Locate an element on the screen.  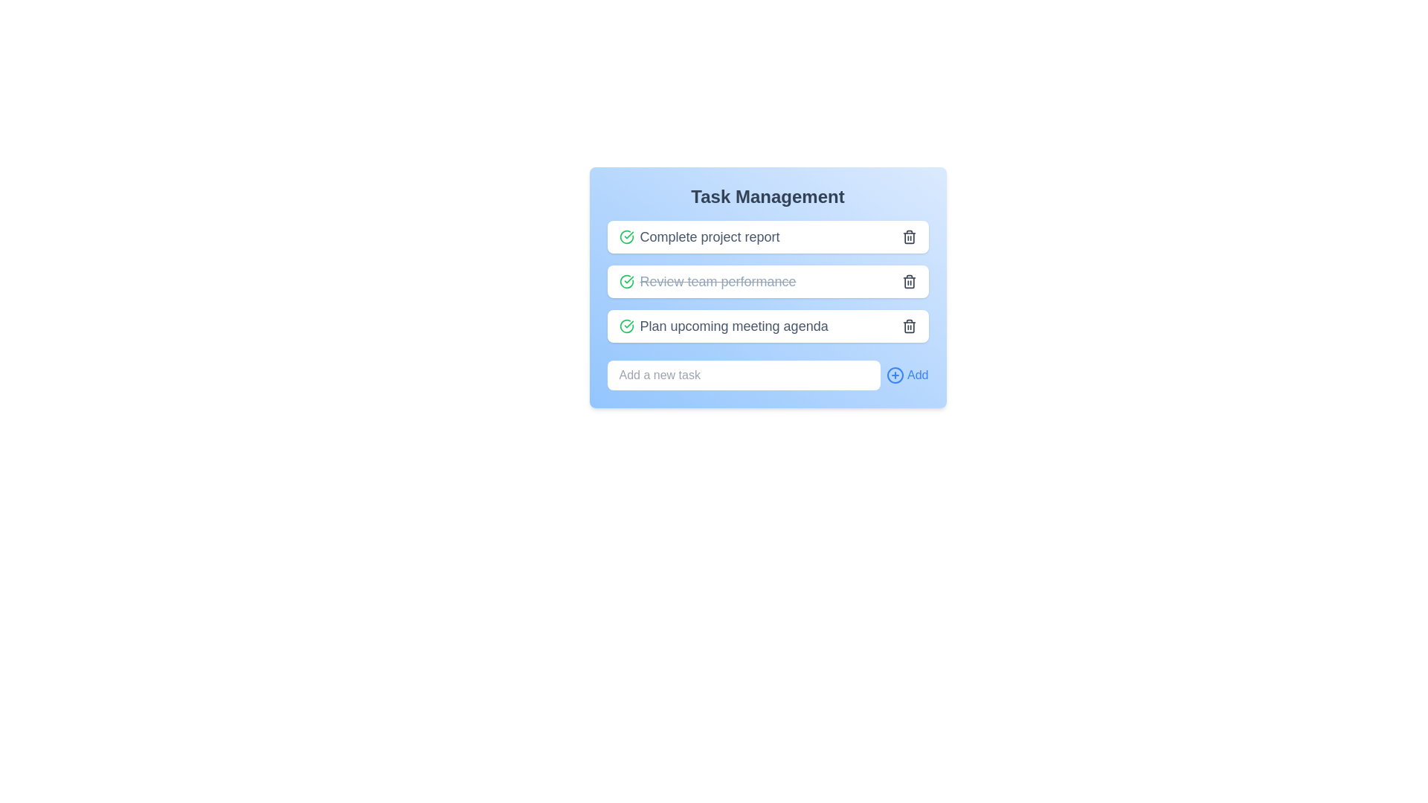
the trash bin icon button located to the right of the task labeled 'Review team performance' is located at coordinates (908, 281).